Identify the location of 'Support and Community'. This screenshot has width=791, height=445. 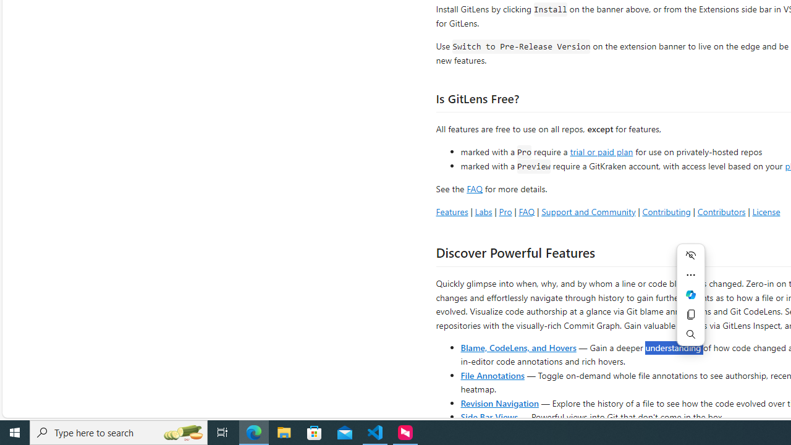
(588, 211).